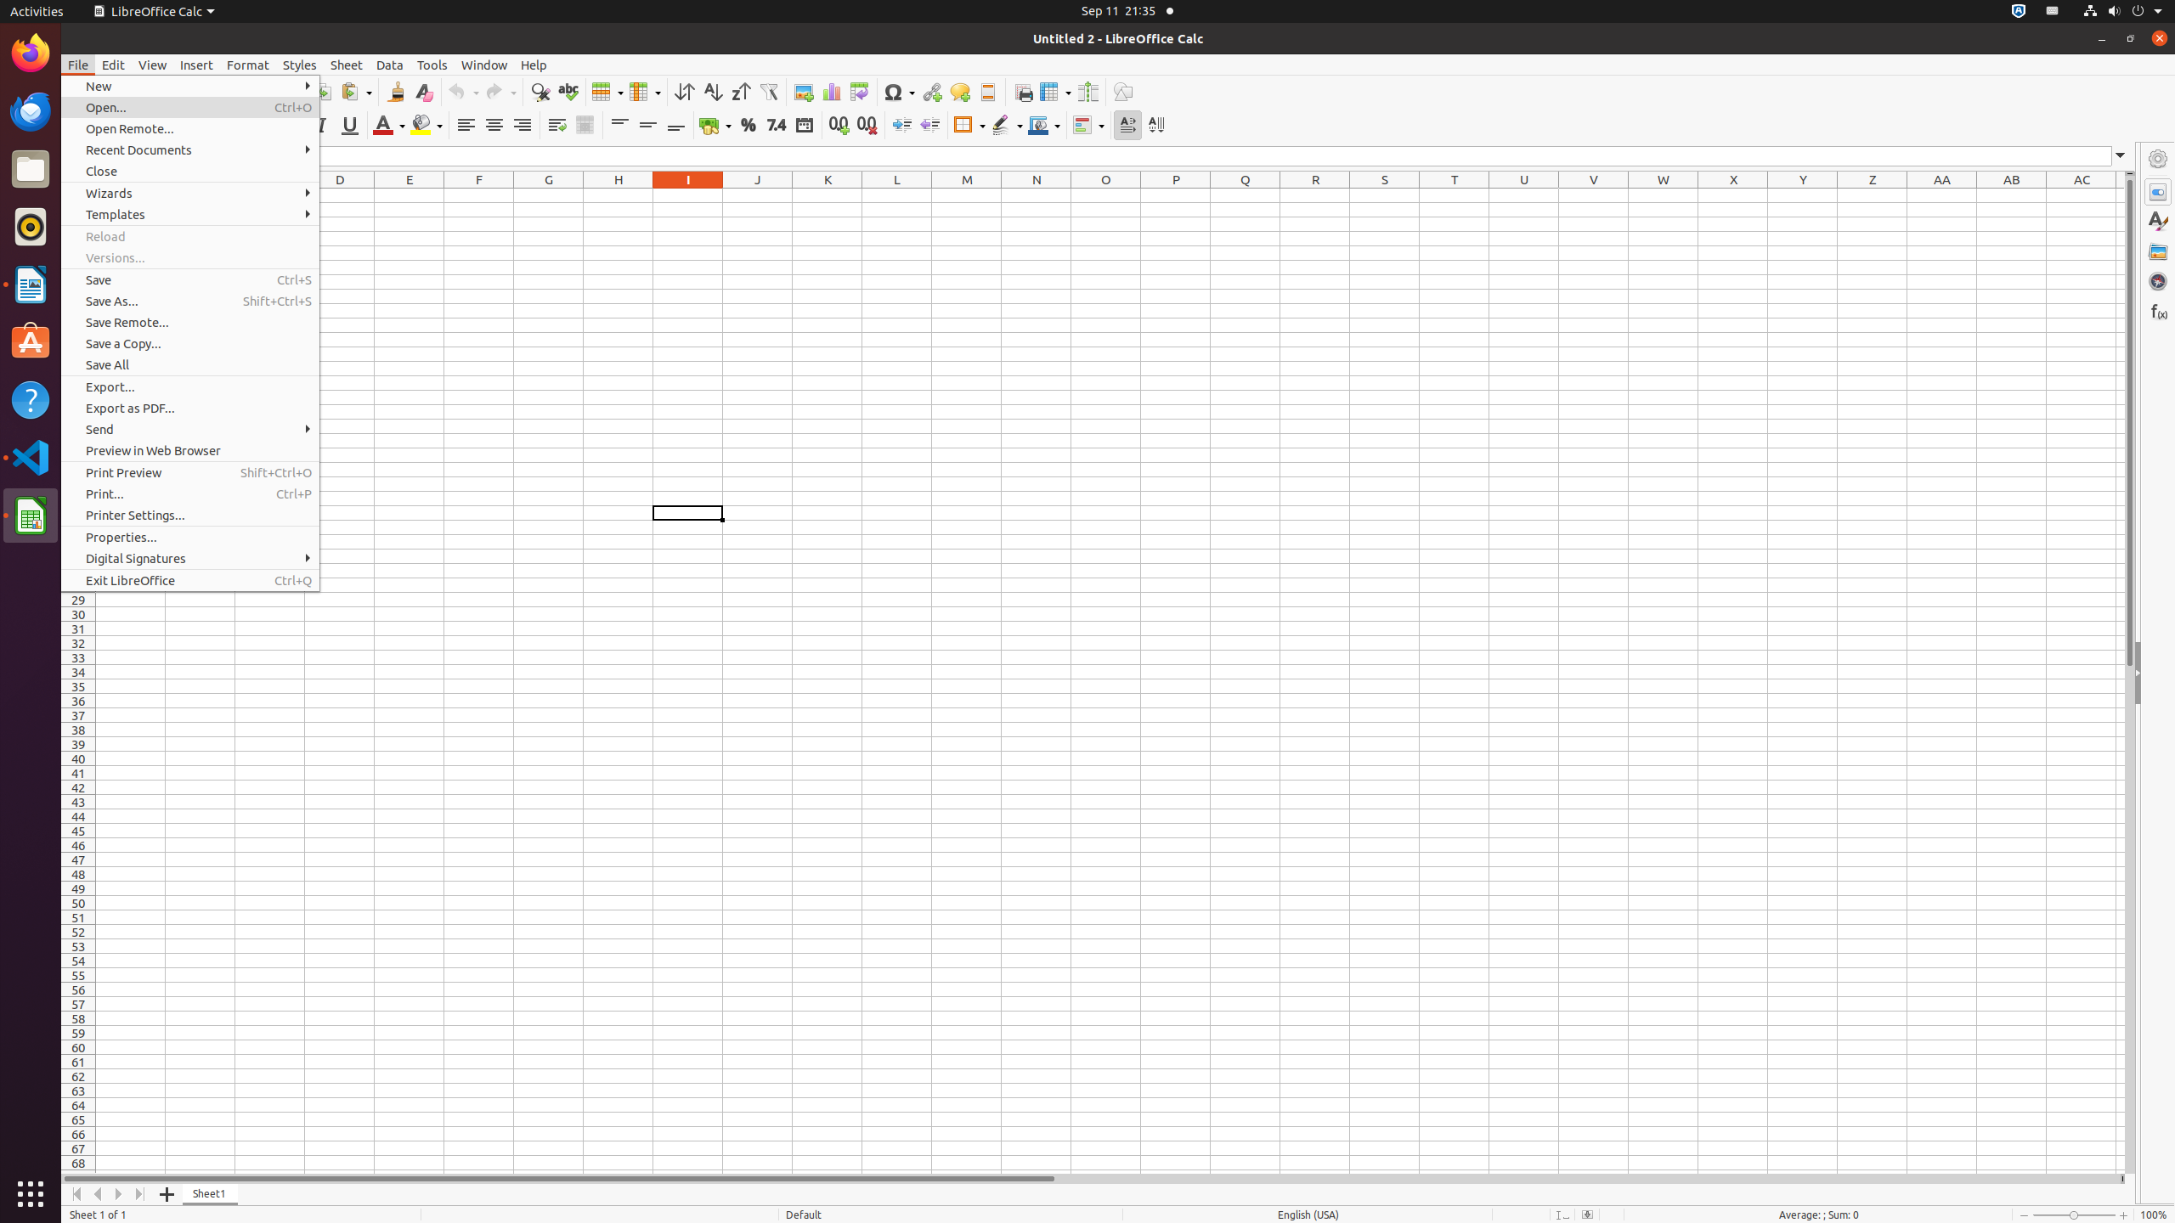 The image size is (2175, 1223). Describe the element at coordinates (619, 124) in the screenshot. I see `'Align Top'` at that location.